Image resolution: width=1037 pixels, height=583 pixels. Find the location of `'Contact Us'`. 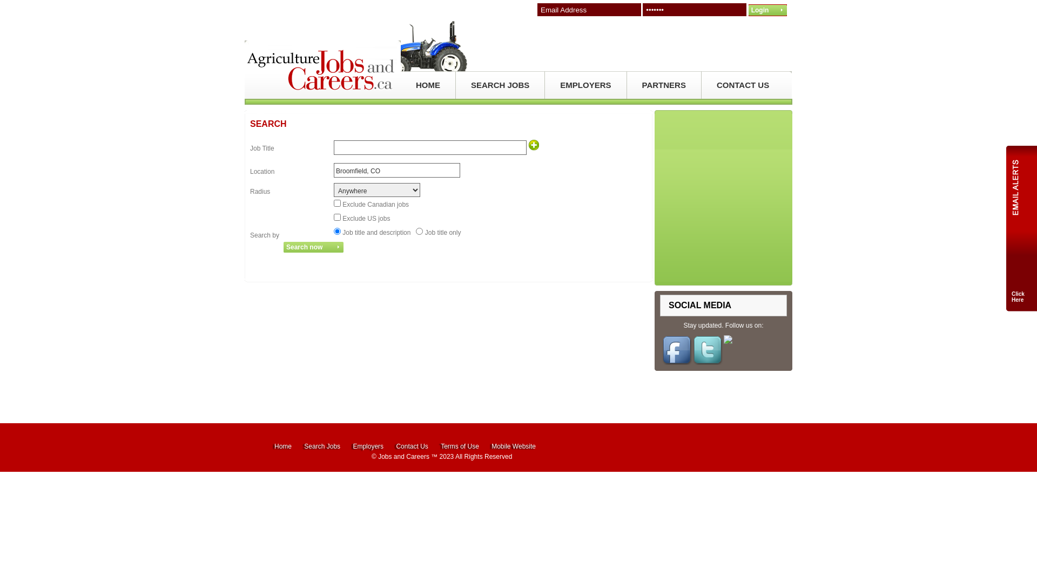

'Contact Us' is located at coordinates (411, 446).